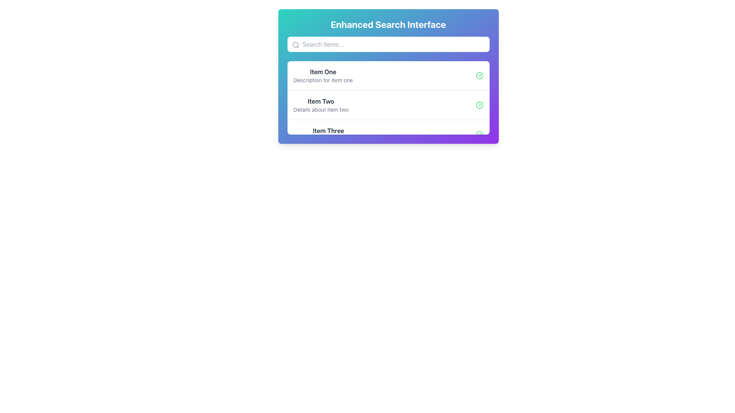 The height and width of the screenshot is (413, 735). I want to click on the small gray search icon styled as a magnifying glass located at the left extremity of the search input field, so click(295, 45).